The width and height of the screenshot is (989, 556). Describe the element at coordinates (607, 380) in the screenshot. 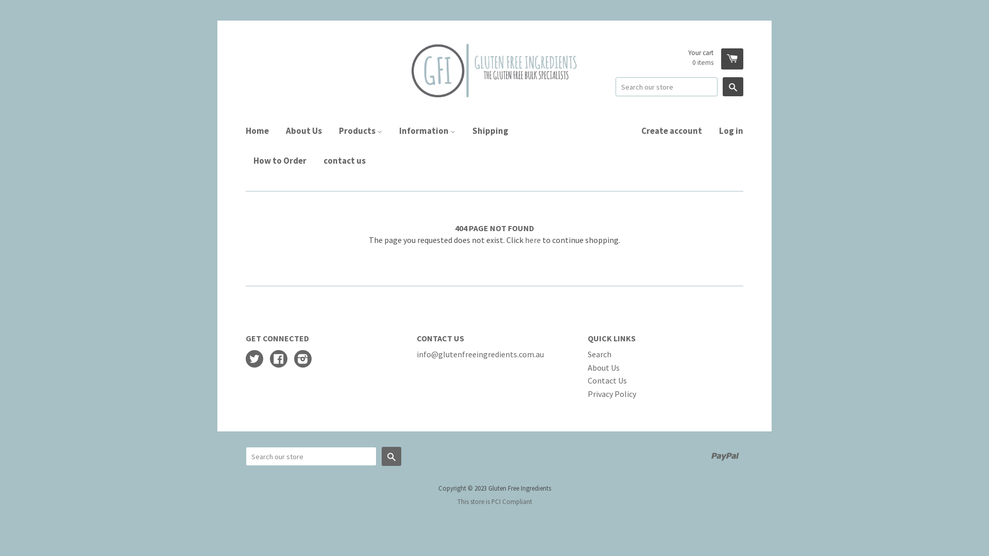

I see `'Contact Us'` at that location.